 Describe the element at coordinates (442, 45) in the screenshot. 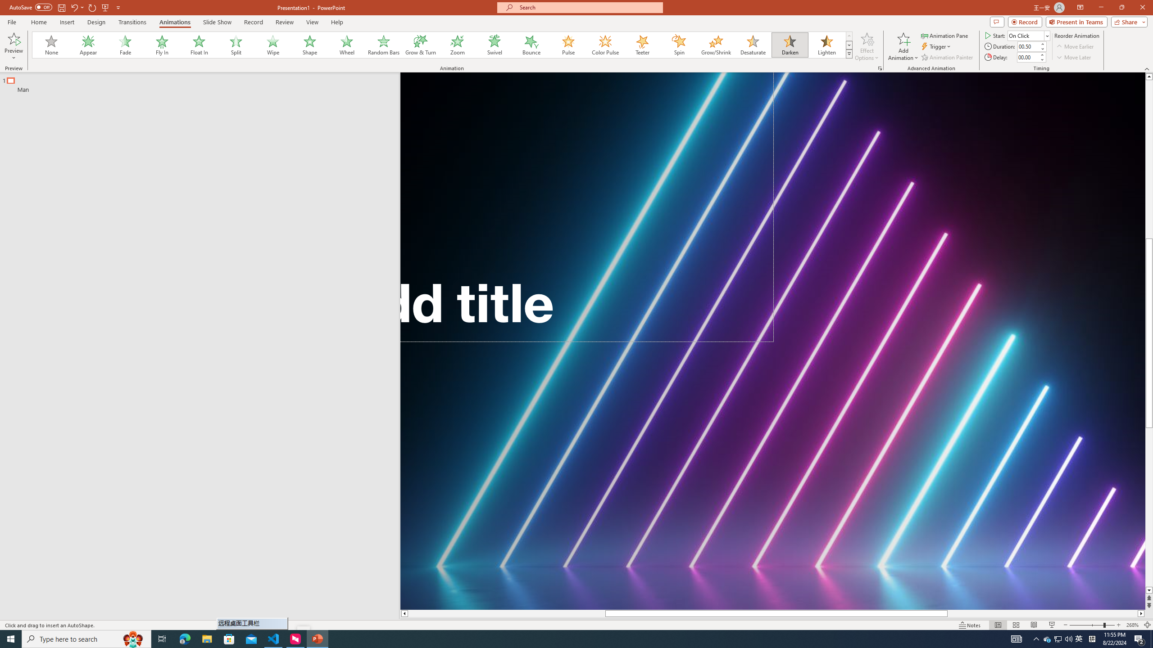

I see `'AutomationID: AnimationGallery'` at that location.